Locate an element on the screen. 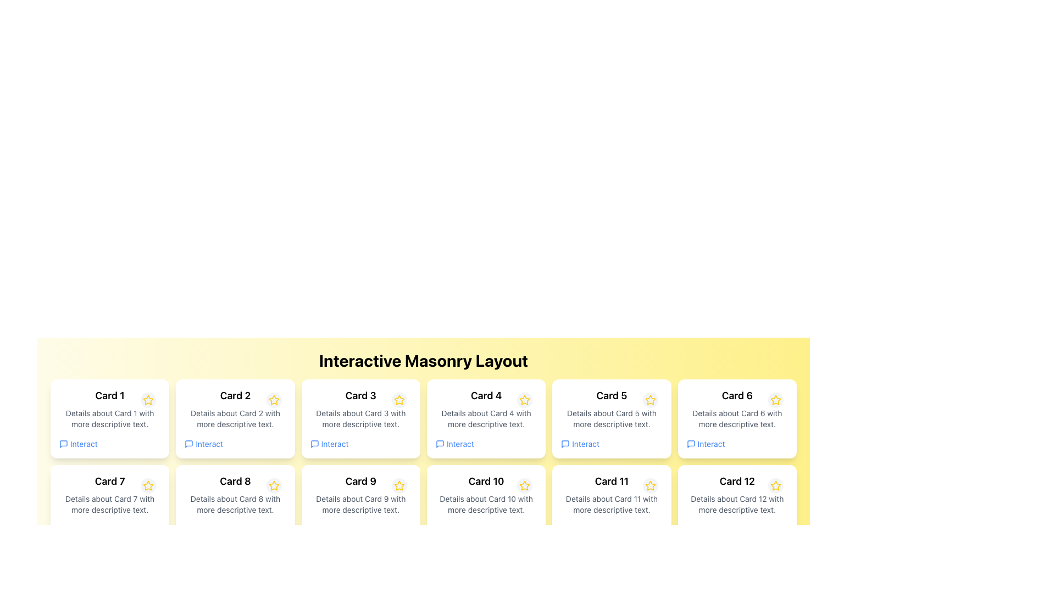 Image resolution: width=1055 pixels, height=593 pixels. the speech bubble icon with a thick blue outline located in the 'Interact' section of 'Card 5' in the second row and third column is located at coordinates (565, 444).